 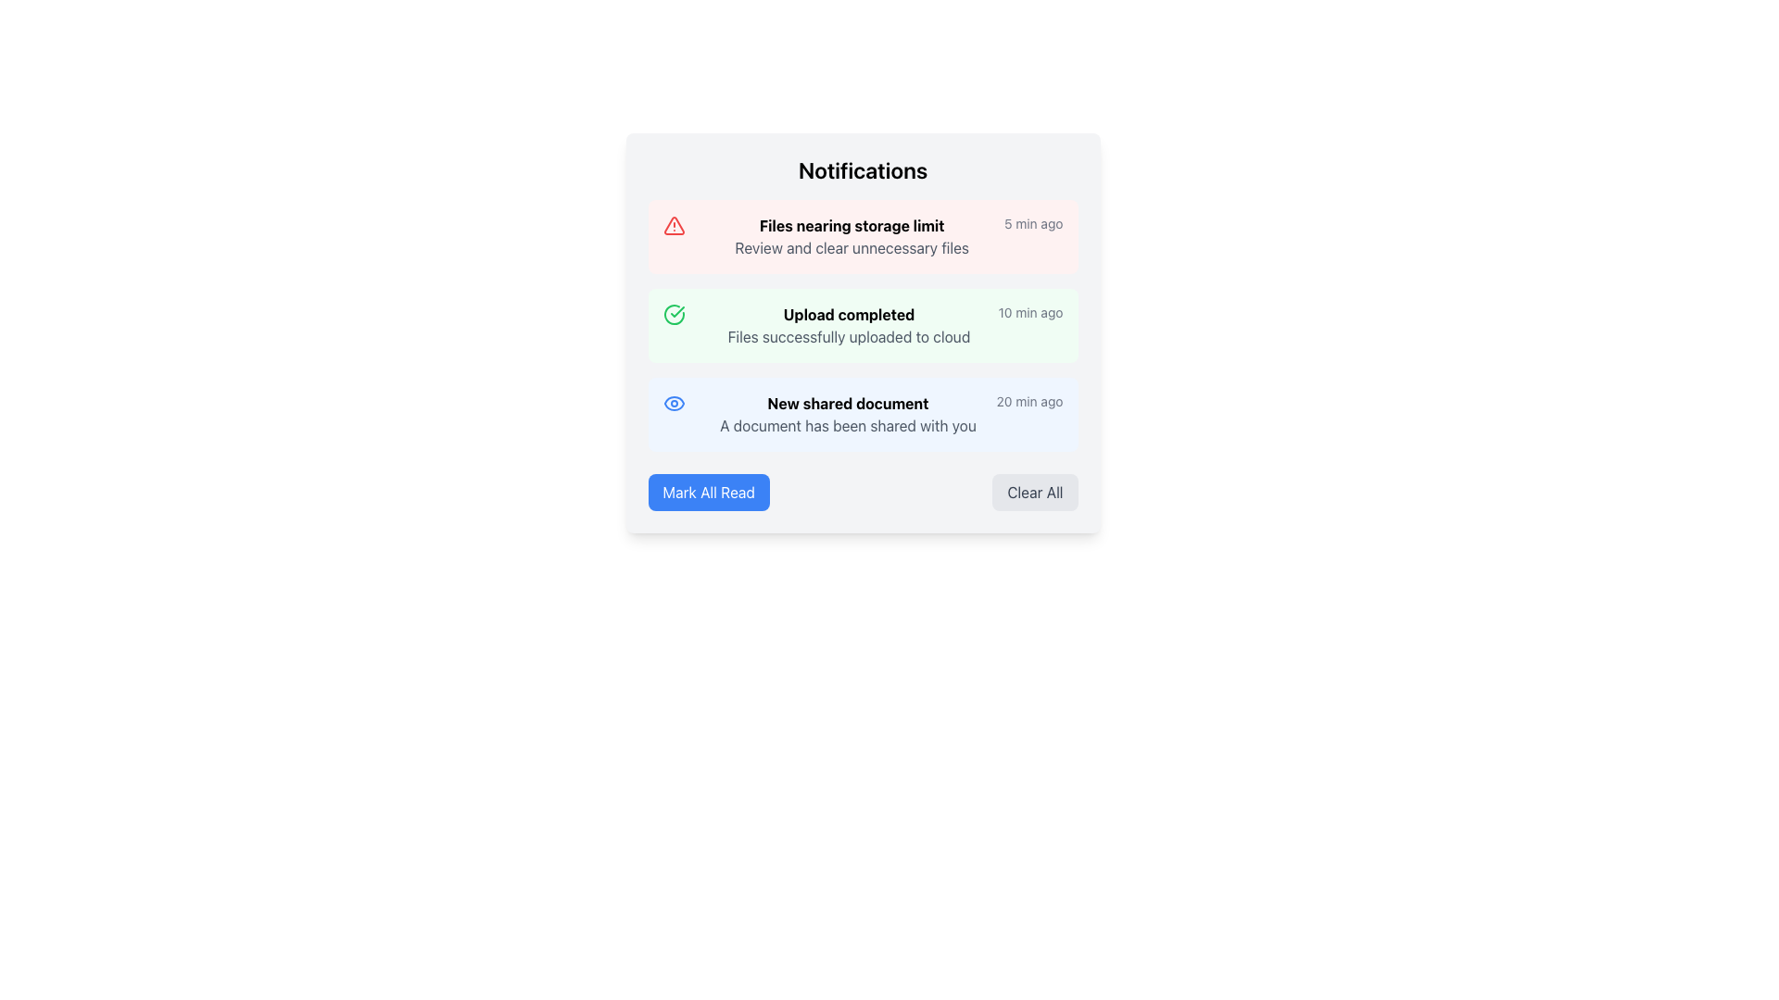 What do you see at coordinates (848, 336) in the screenshot?
I see `text label stating 'Files successfully uploaded to cloud', which is located below the bold text 'Upload completed' in the notifications panel` at bounding box center [848, 336].